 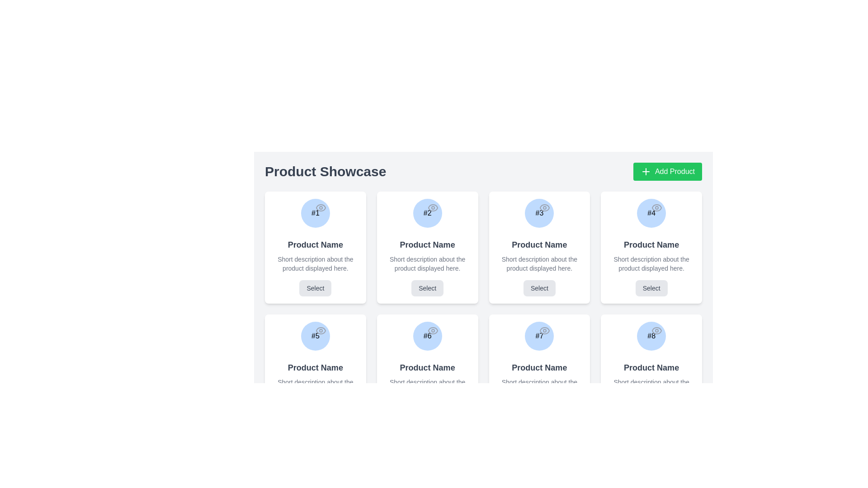 I want to click on the button located at the bottom of the product card with product number '#6', title 'Product Name', and short description, so click(x=427, y=411).